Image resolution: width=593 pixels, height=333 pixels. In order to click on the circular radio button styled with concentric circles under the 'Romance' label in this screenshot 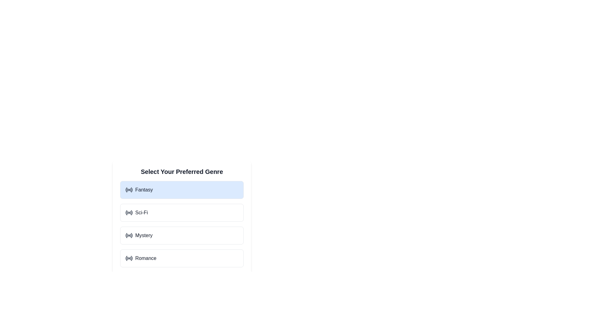, I will do `click(128, 258)`.